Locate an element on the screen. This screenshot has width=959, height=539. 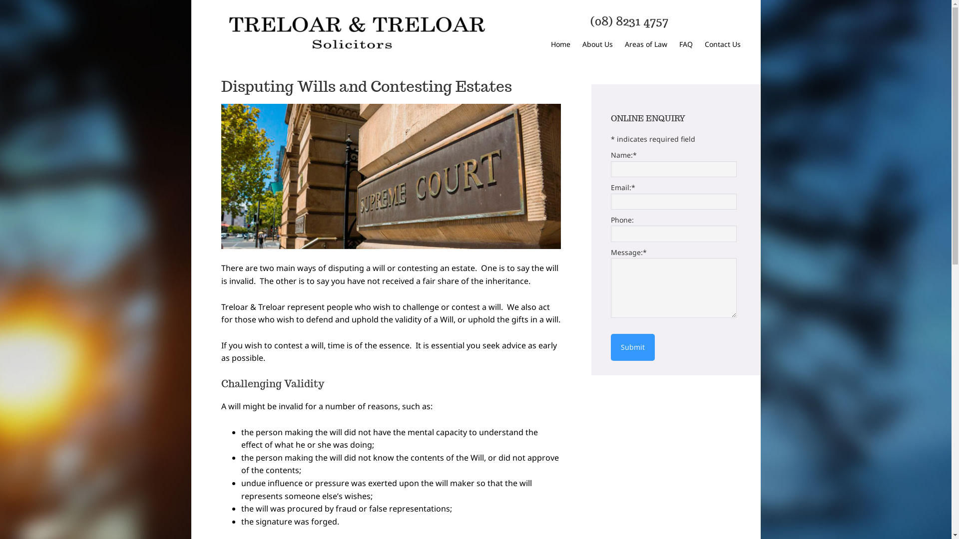
'Home' is located at coordinates (560, 45).